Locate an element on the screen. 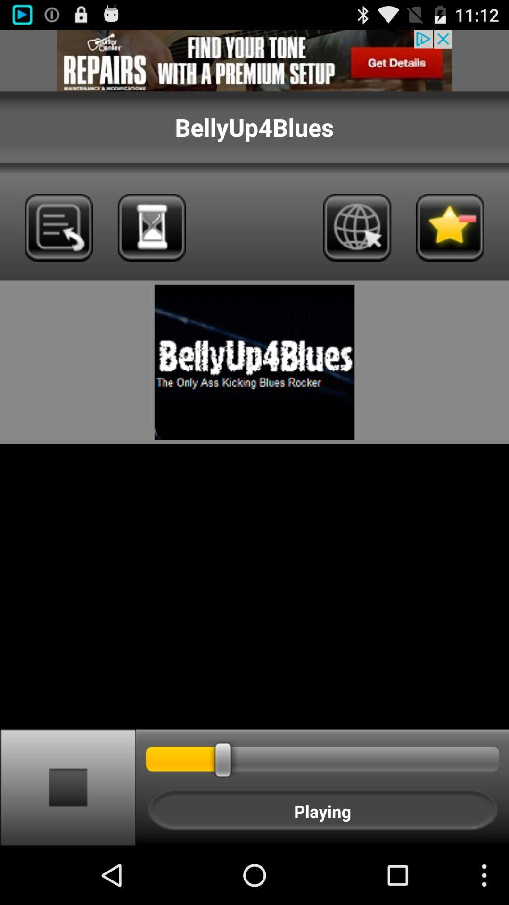 The height and width of the screenshot is (905, 509). stop playing is located at coordinates (67, 787).